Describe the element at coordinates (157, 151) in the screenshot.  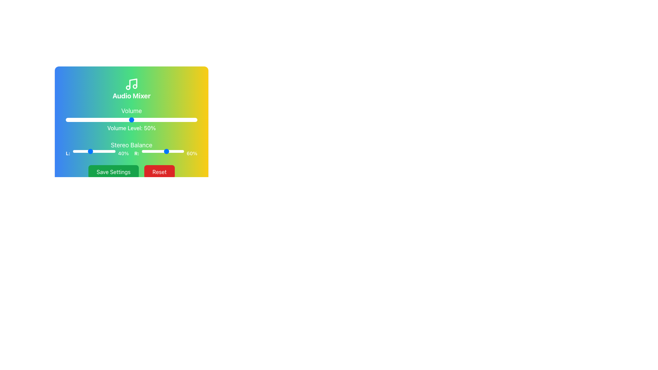
I see `the R value` at that location.